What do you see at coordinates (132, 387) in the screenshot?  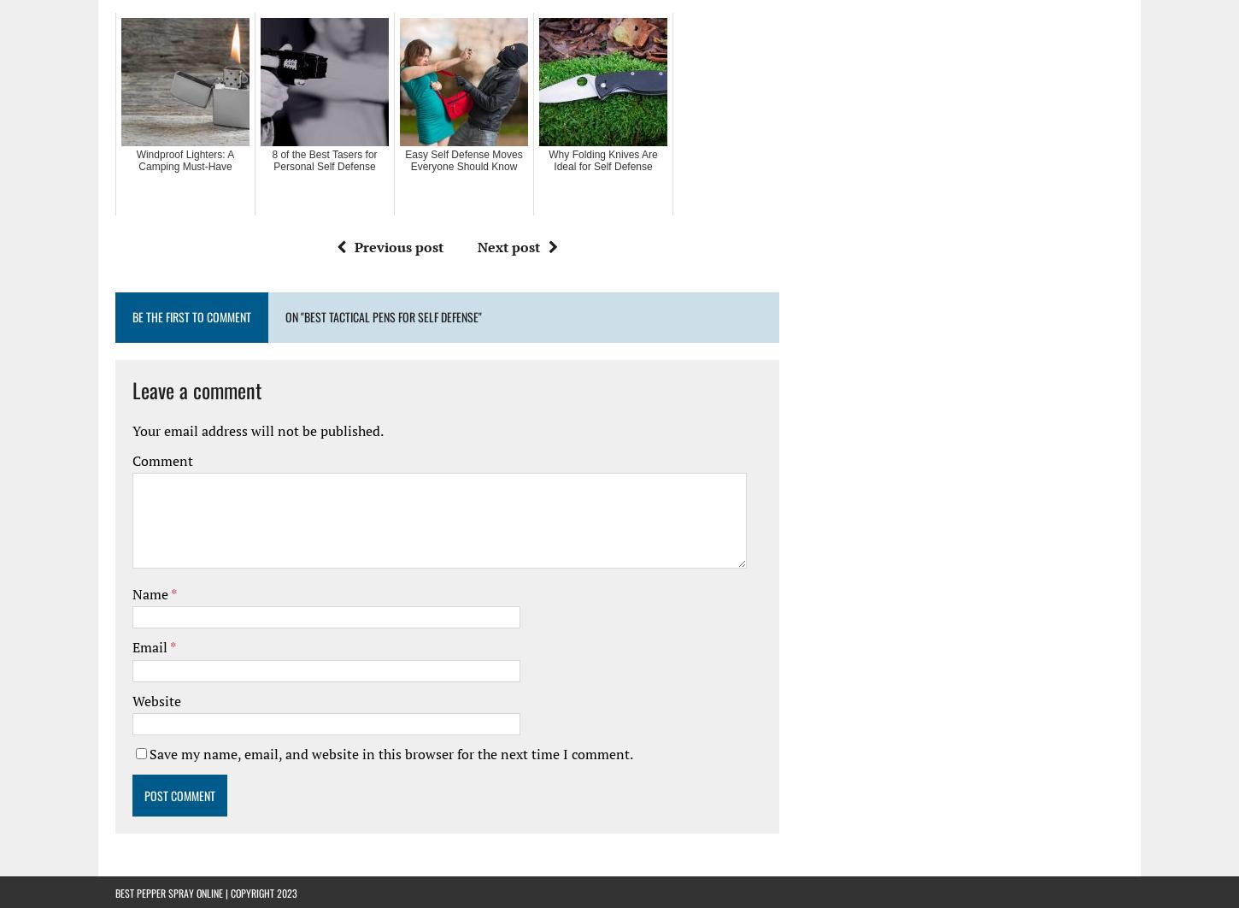 I see `'Leave a comment'` at bounding box center [132, 387].